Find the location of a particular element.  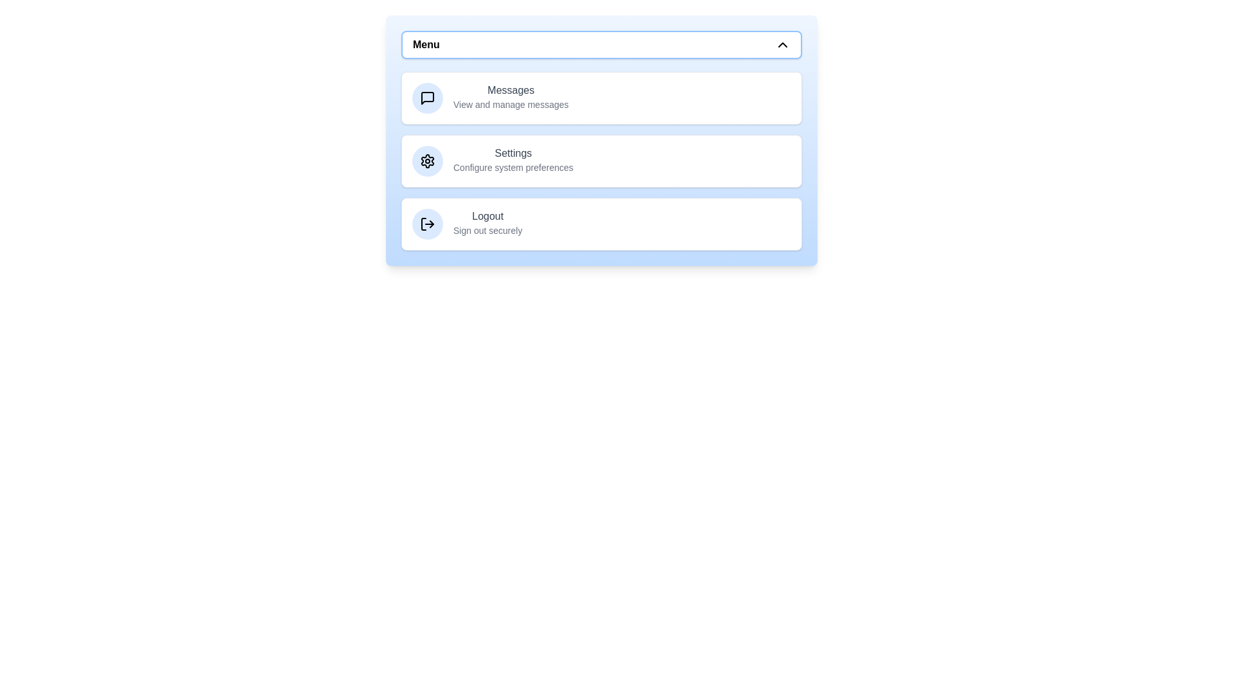

the menu item labeled Messages is located at coordinates (600, 98).